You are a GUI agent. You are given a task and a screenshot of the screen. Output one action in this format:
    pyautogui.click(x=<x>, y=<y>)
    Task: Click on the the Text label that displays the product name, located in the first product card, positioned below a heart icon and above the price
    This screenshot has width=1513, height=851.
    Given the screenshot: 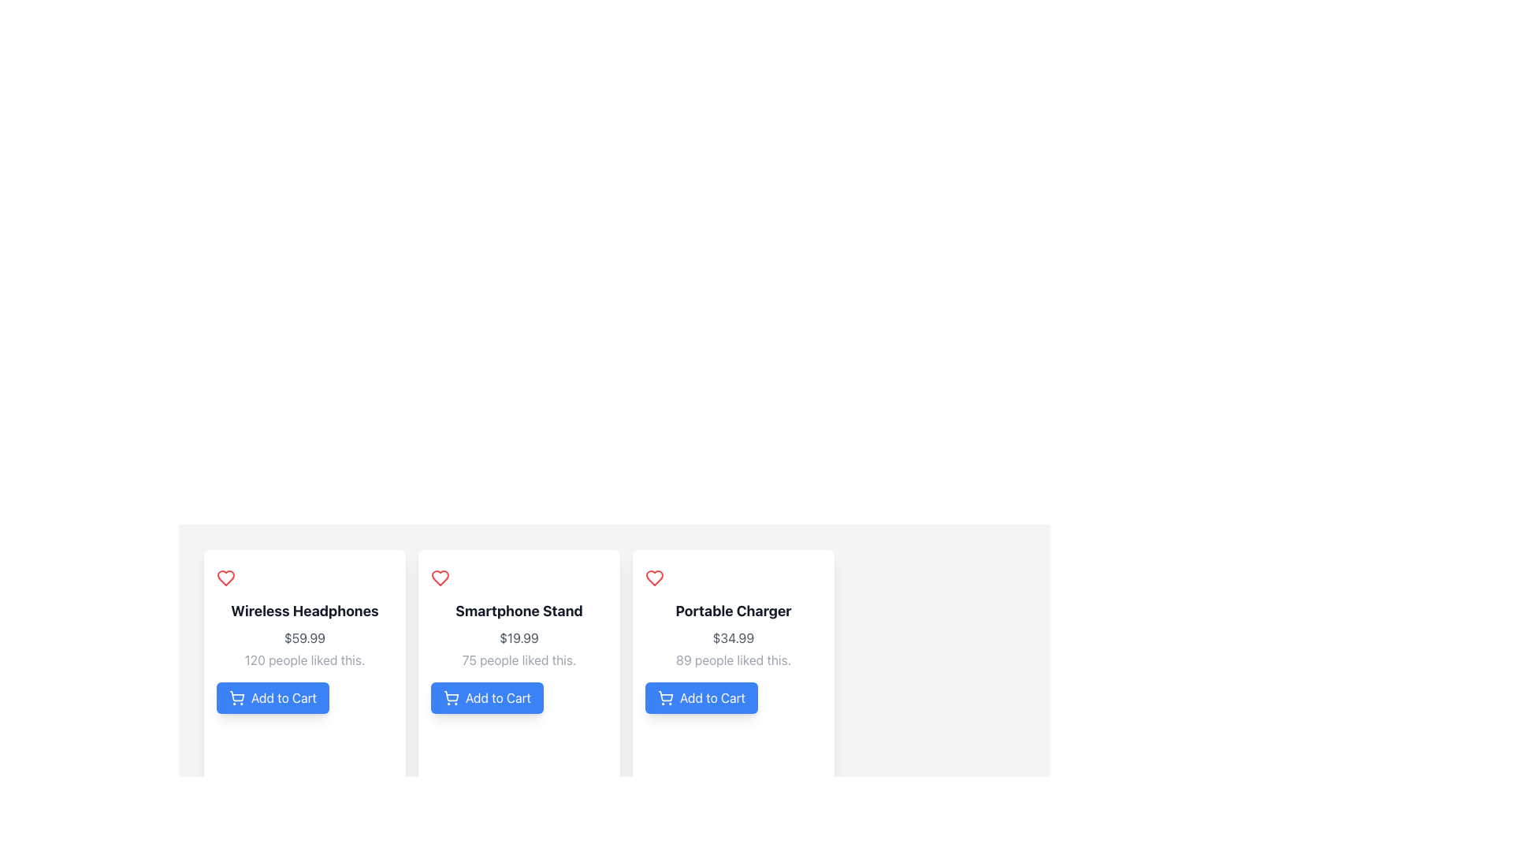 What is the action you would take?
    pyautogui.click(x=305, y=610)
    